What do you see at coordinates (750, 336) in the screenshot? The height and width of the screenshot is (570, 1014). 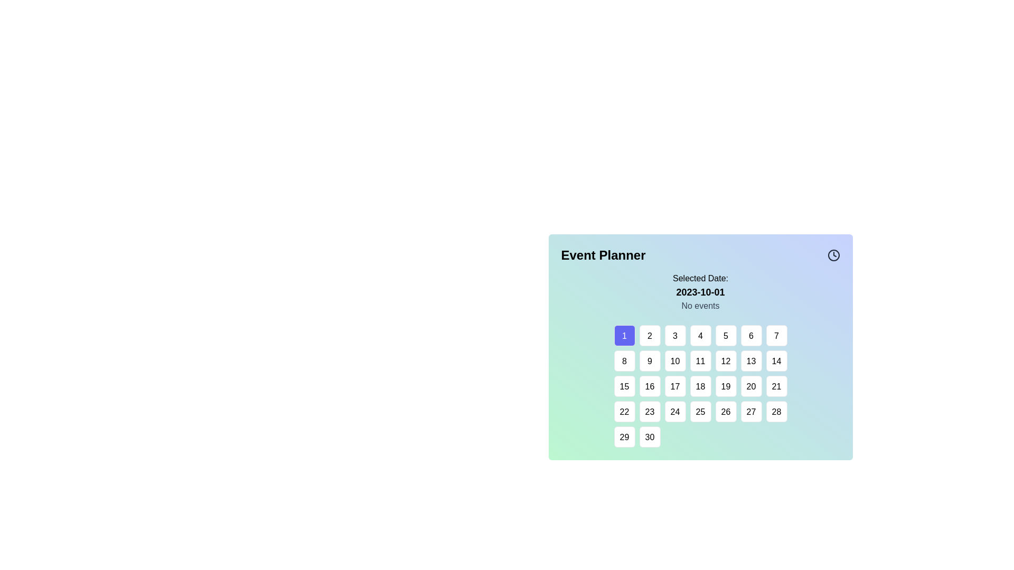 I see `the button with the text '6', which is a rounded square with a white background and a hover effect that changes the background to indigo. It is located in the 'Event Planner' area, specifically the sixth item in the top row of a 7-column grid` at bounding box center [750, 336].